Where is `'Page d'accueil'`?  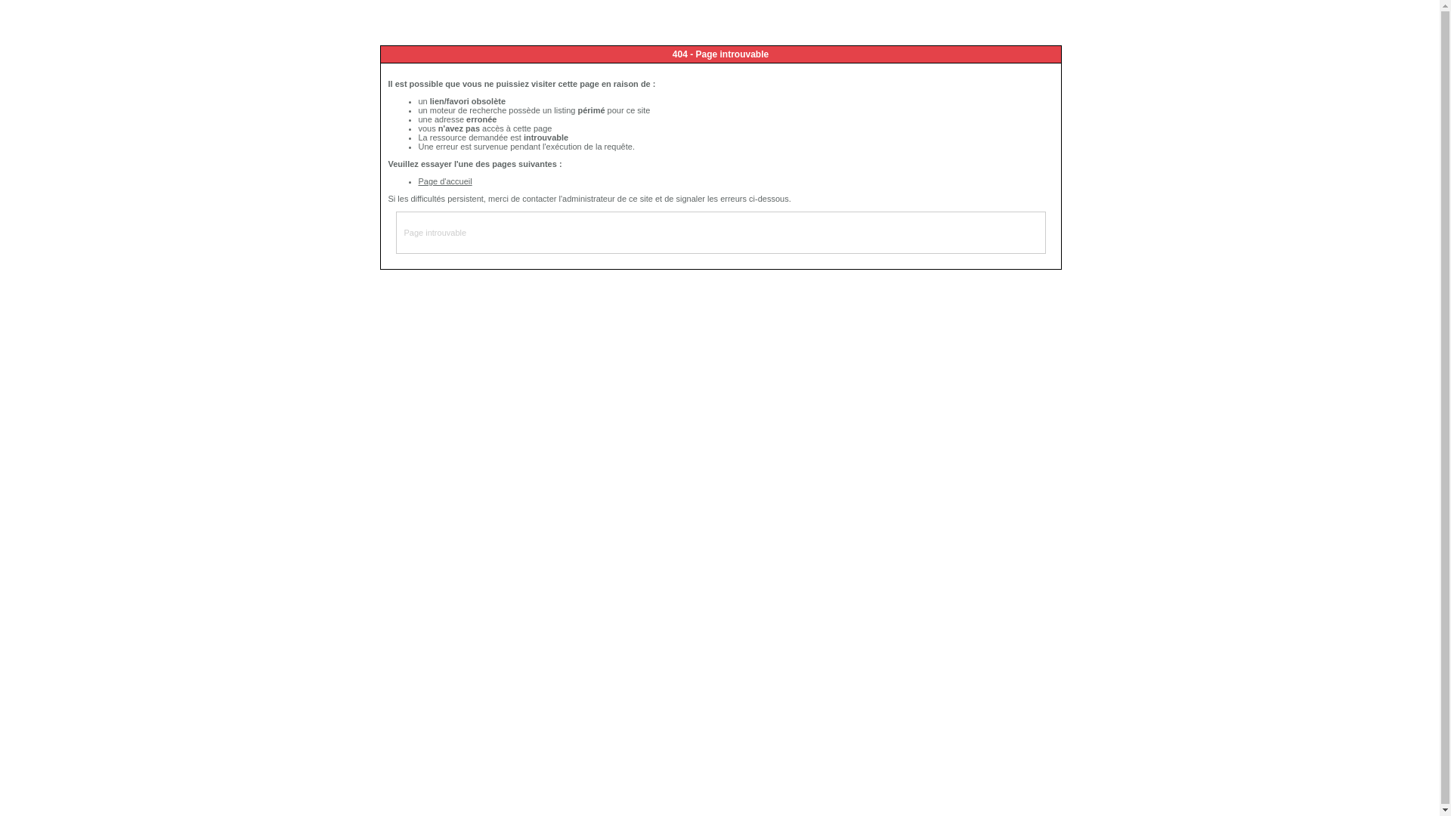
'Page d'accueil' is located at coordinates (418, 180).